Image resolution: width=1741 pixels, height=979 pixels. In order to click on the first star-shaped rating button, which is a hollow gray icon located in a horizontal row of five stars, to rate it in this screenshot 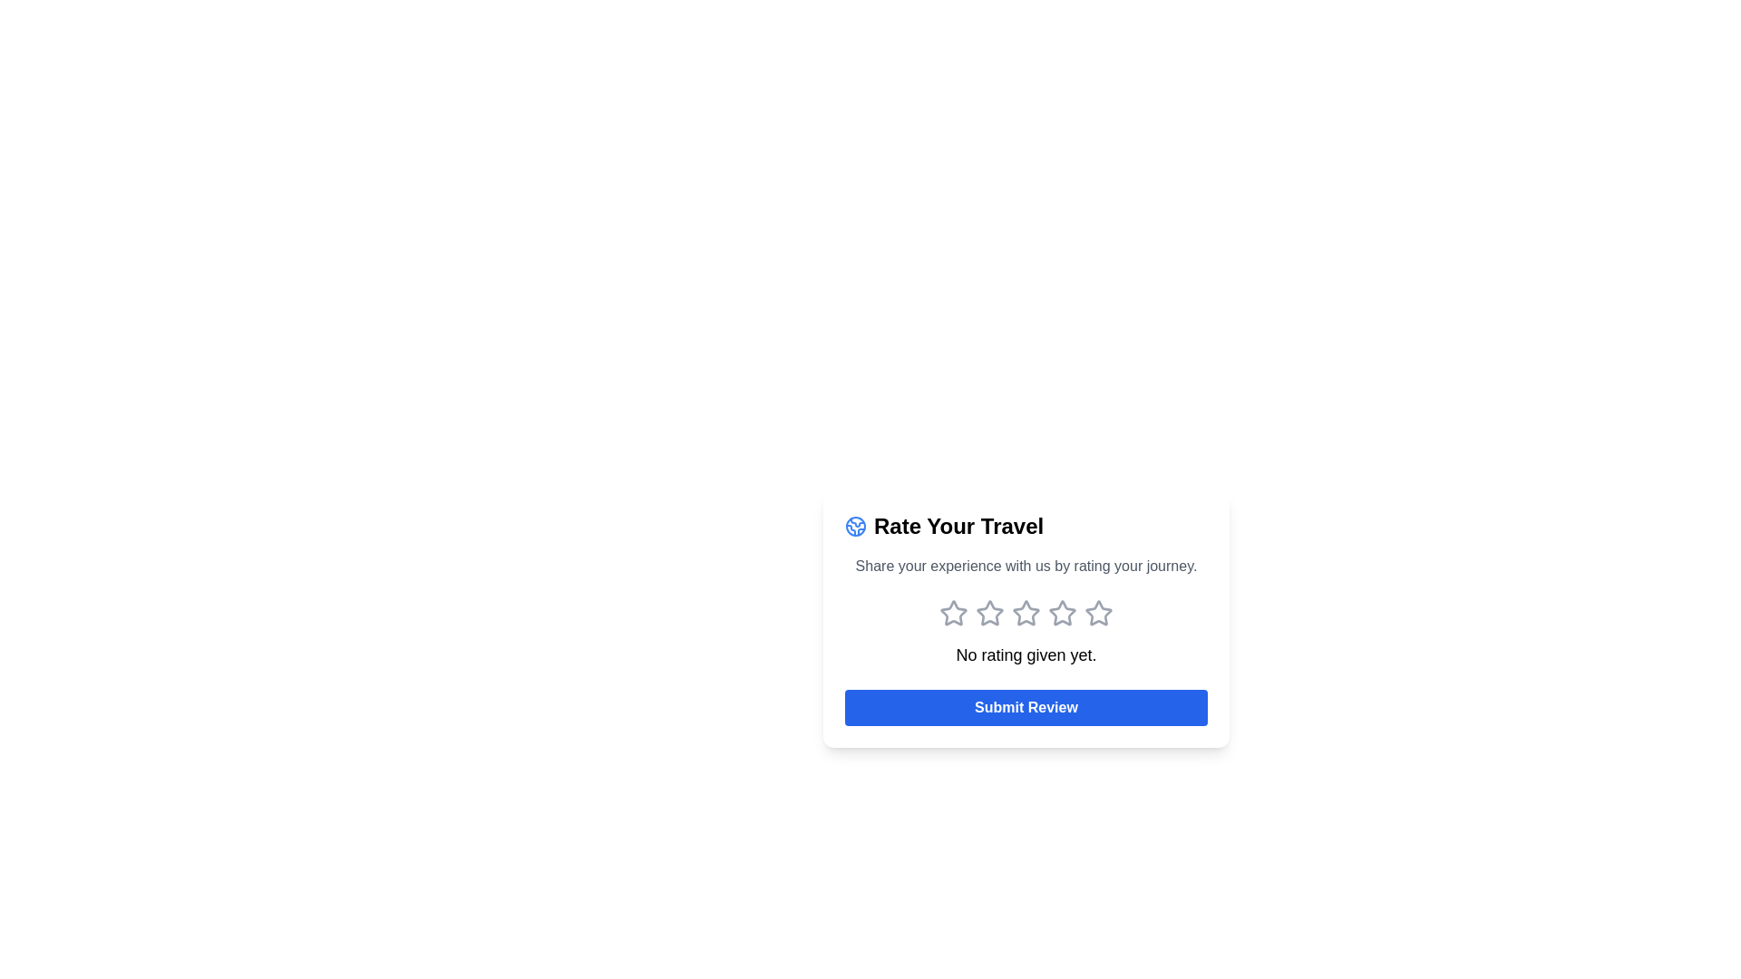, I will do `click(952, 613)`.